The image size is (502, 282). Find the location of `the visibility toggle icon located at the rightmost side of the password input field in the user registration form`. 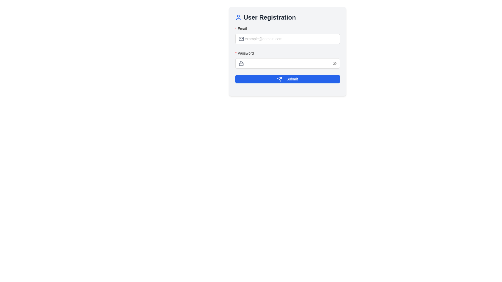

the visibility toggle icon located at the rightmost side of the password input field in the user registration form is located at coordinates (334, 63).